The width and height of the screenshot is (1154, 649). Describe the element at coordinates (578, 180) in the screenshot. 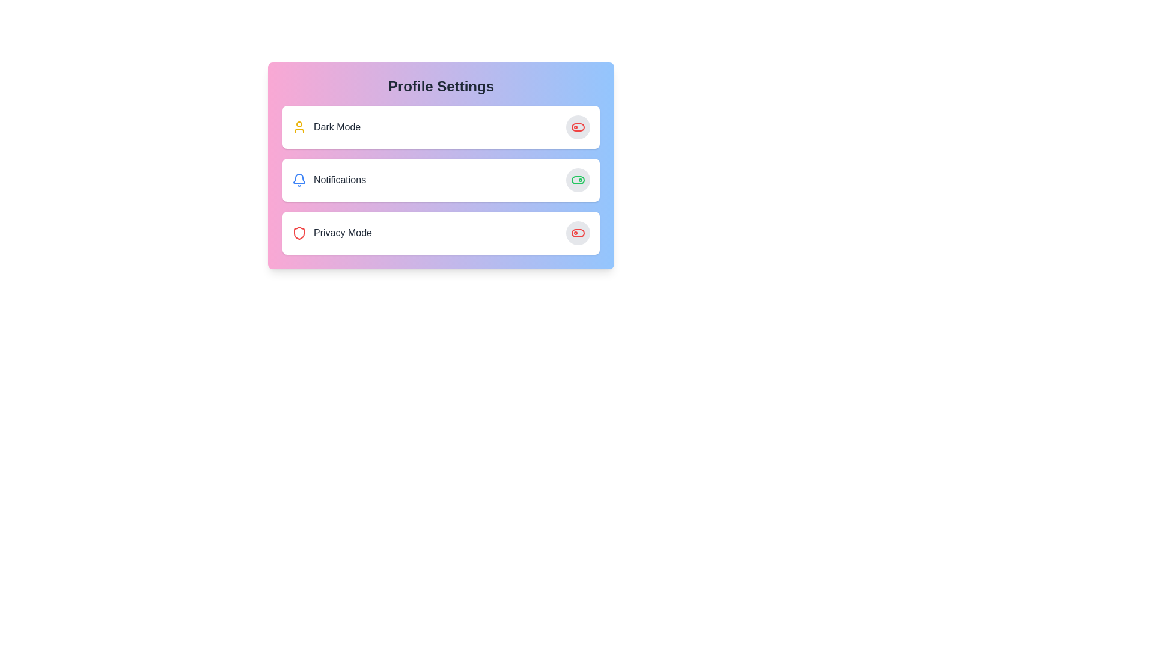

I see `the green background of the toggle switch element, which is elongated with rounded corners and represents the 'on' position of the toggle` at that location.